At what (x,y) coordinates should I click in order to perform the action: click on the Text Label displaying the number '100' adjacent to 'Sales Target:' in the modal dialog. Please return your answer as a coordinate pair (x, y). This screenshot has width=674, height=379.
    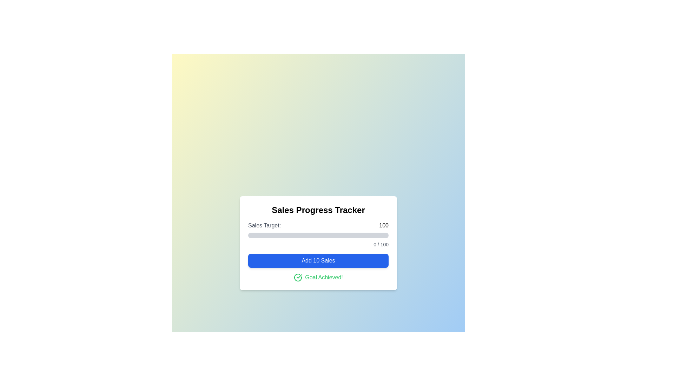
    Looking at the image, I should click on (383, 226).